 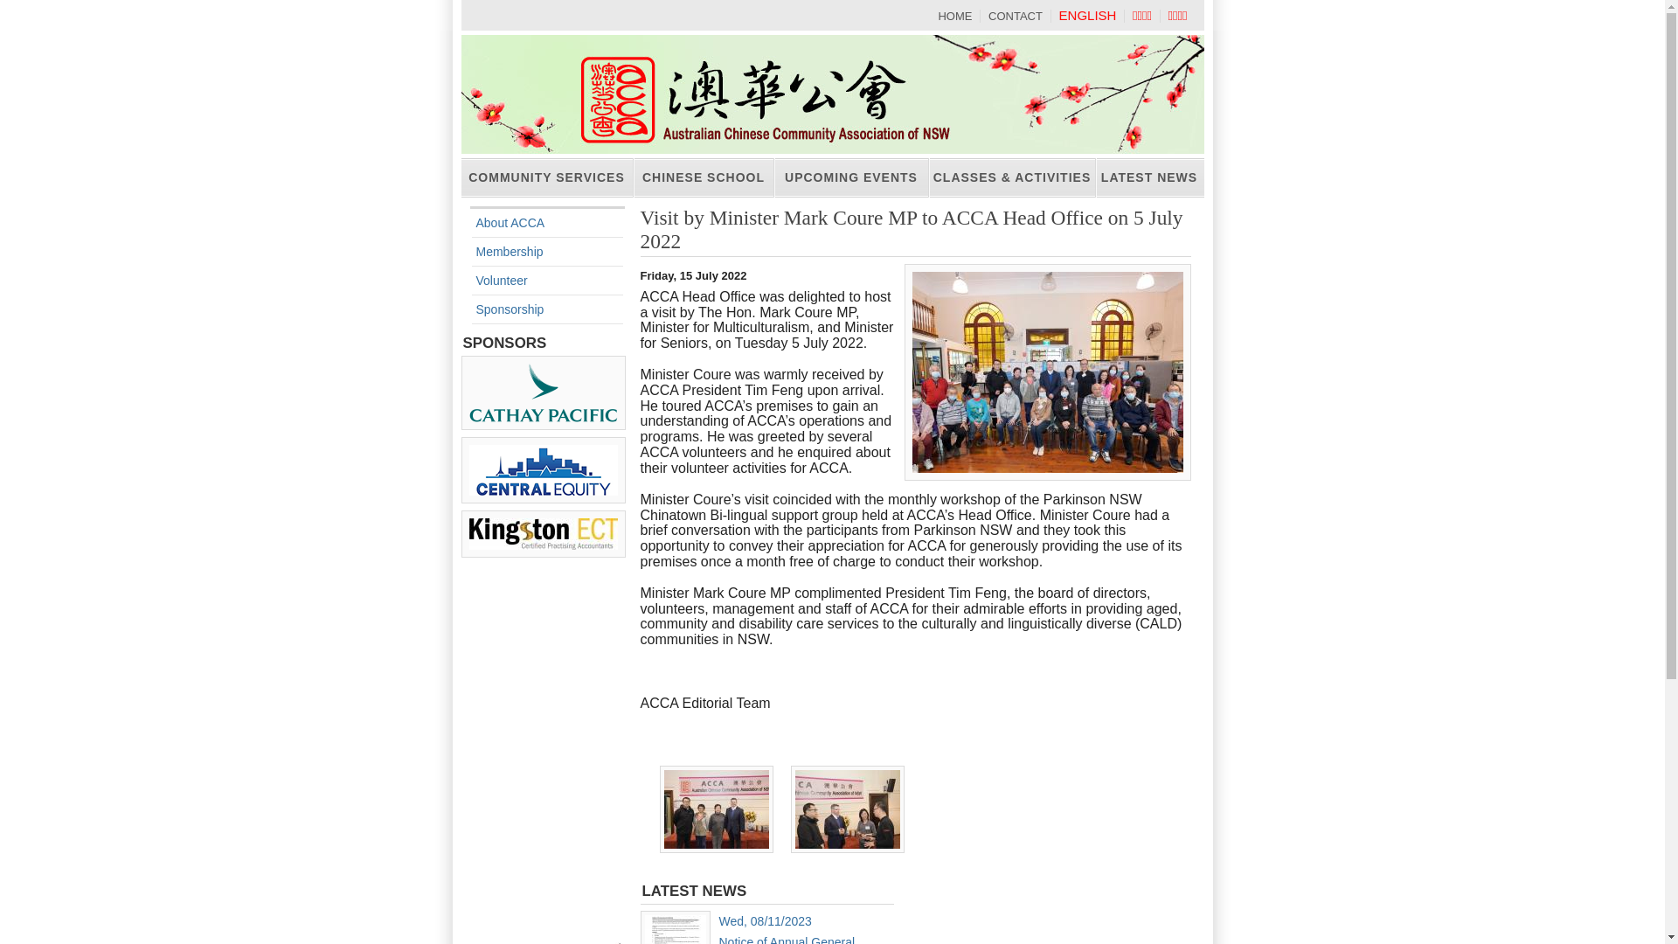 I want to click on 'CLASSES & ACTIVITIES', so click(x=1011, y=177).